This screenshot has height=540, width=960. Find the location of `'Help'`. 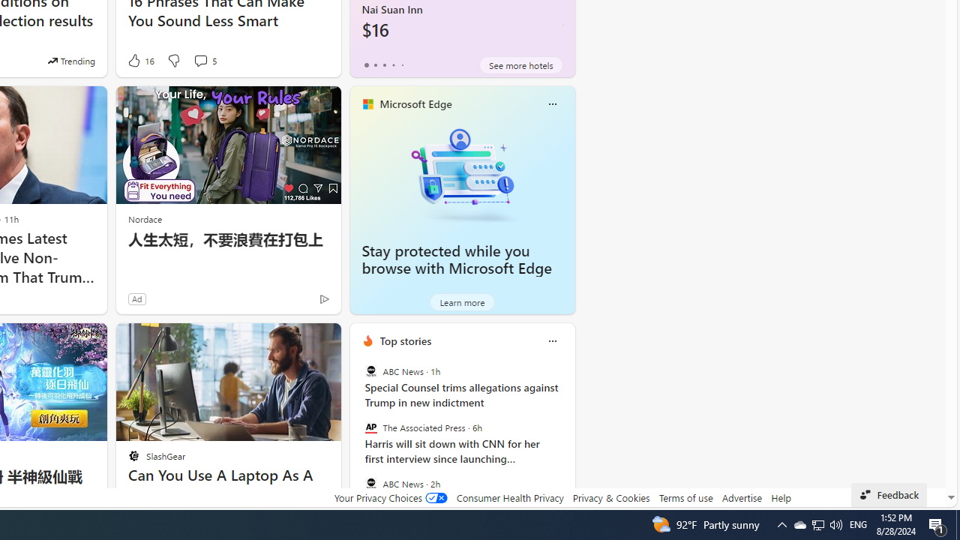

'Help' is located at coordinates (780, 497).